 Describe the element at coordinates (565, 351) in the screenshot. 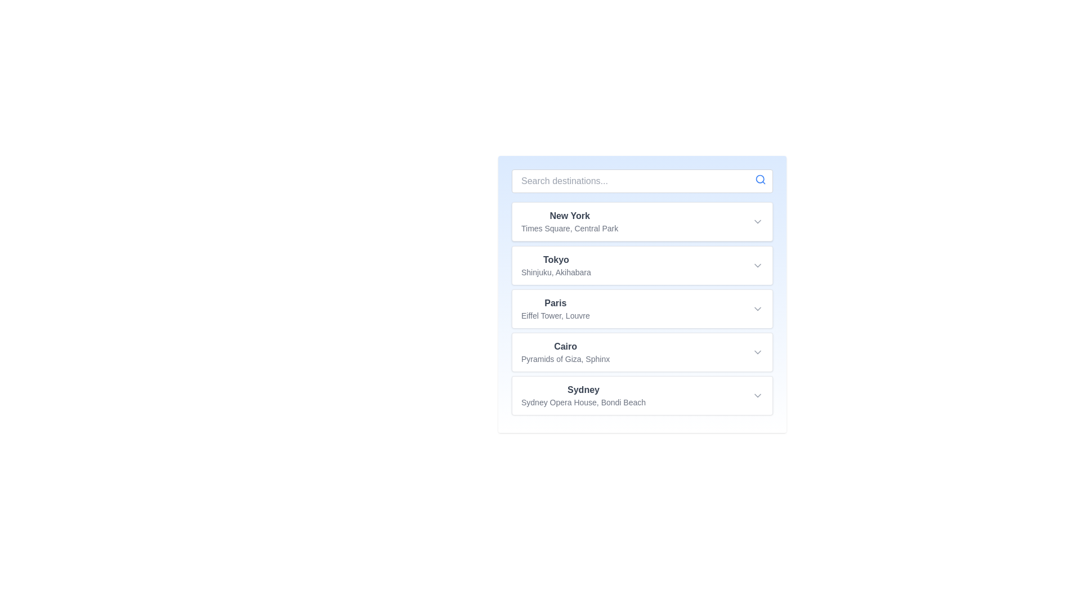

I see `the text element displaying 'Cairo' in bold followed by 'Pyramids of Giza, Sphinx' in smaller gray style, located between 'Paris' and 'Sydney' in a list` at that location.